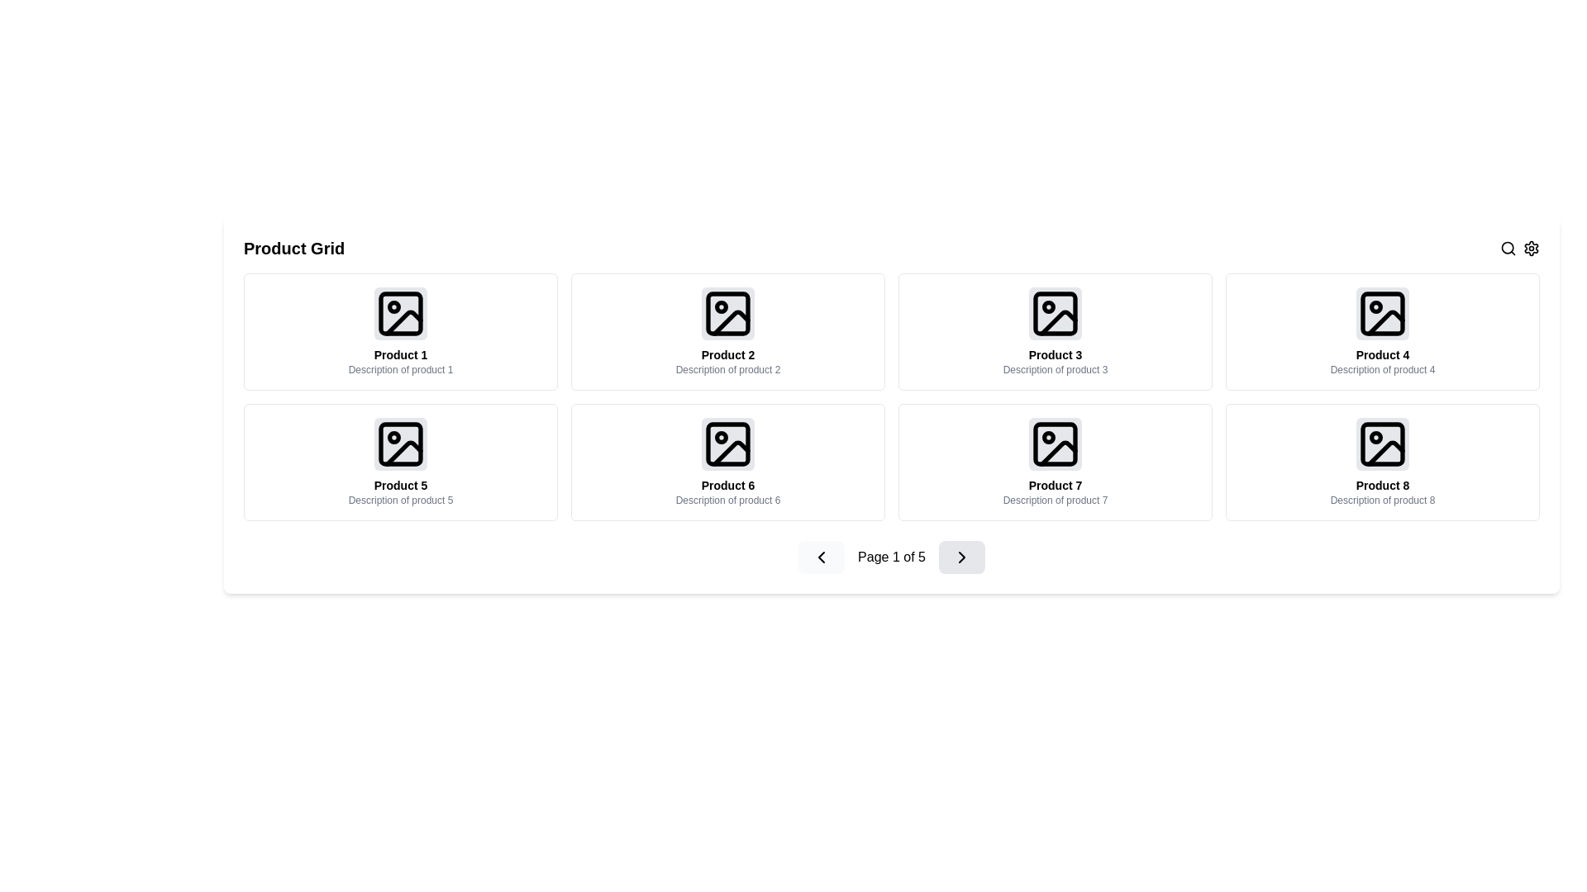  What do you see at coordinates (1047, 306) in the screenshot?
I see `the SVG Circle located in the top left corner of the 'Product 3' thumbnail, which serves as a decorative or interactive accent` at bounding box center [1047, 306].